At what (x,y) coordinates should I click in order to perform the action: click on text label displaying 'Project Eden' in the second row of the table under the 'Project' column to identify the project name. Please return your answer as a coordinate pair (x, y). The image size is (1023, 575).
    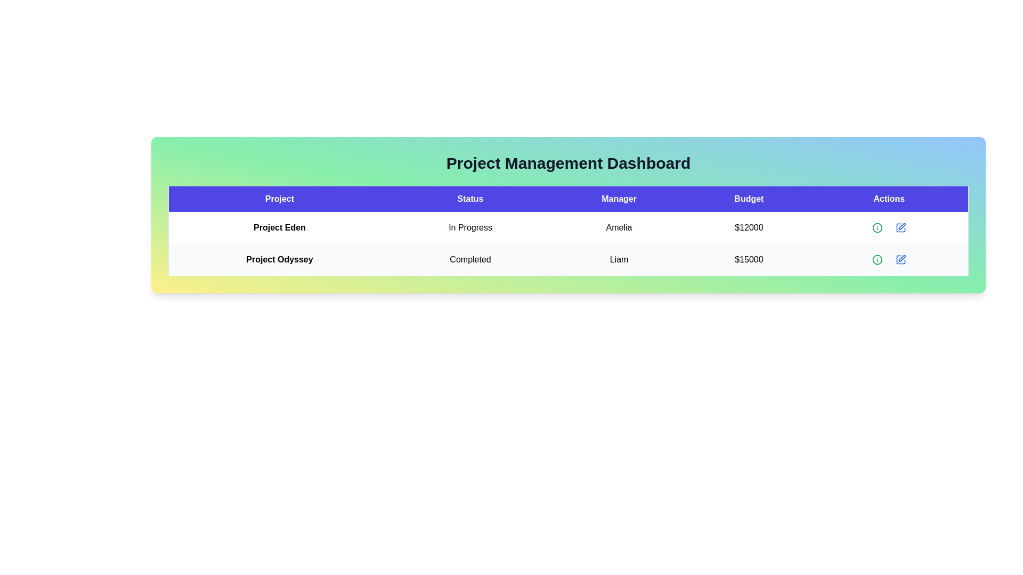
    Looking at the image, I should click on (279, 227).